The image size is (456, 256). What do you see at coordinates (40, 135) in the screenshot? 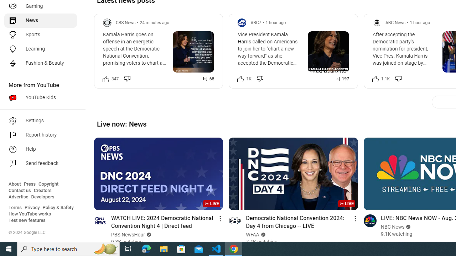
I see `'Report history'` at bounding box center [40, 135].